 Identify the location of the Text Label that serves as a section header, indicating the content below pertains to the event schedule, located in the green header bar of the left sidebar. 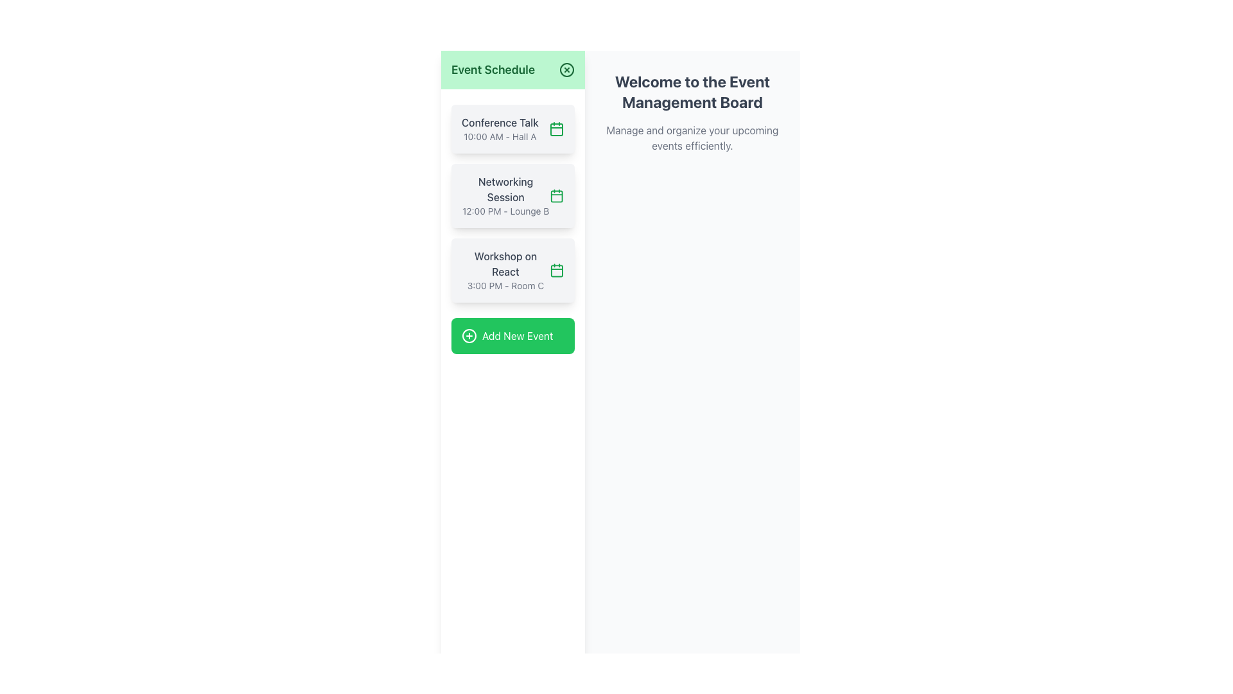
(493, 69).